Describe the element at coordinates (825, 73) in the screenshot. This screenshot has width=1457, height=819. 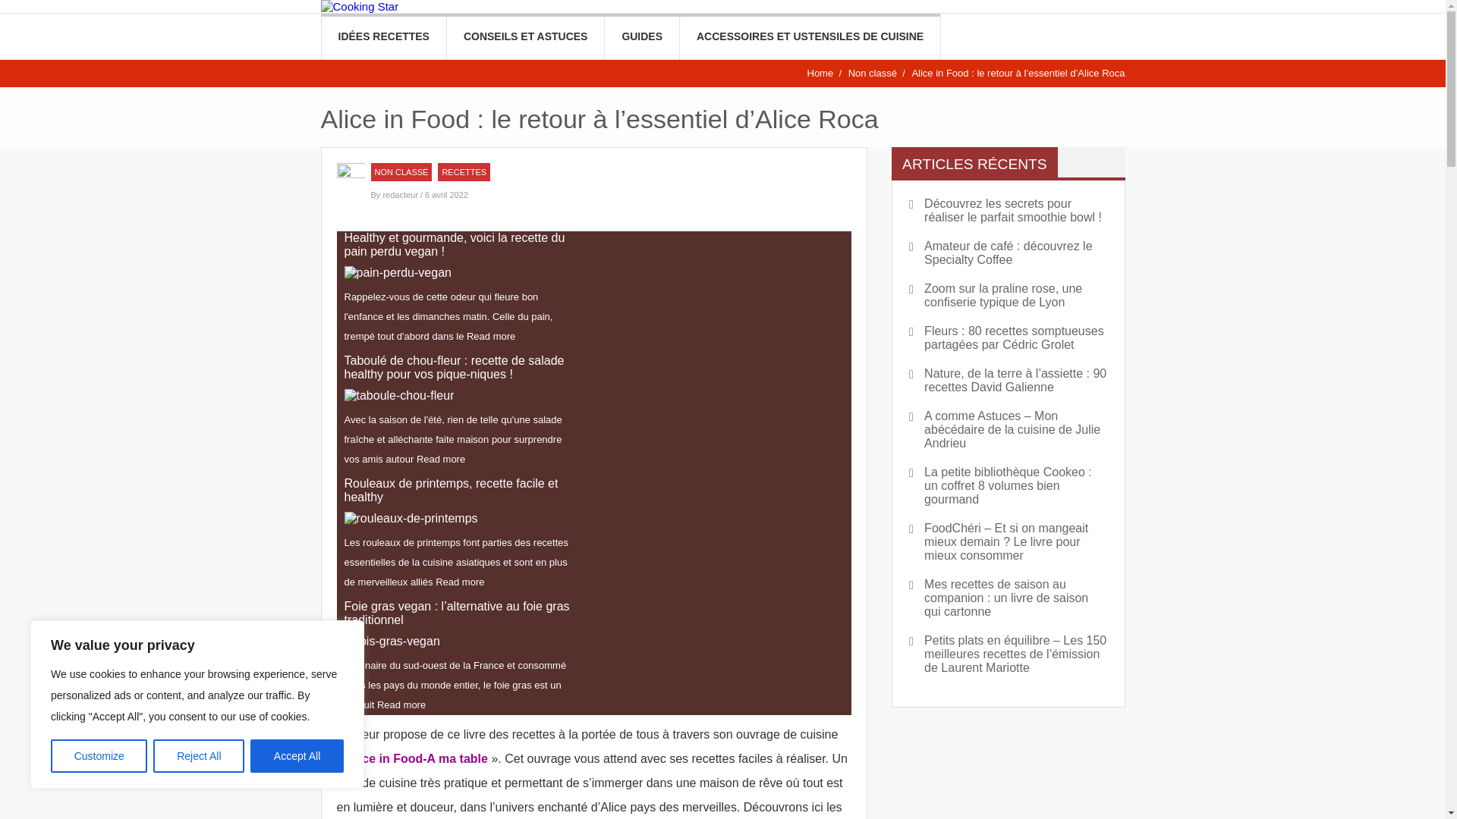
I see `'Home  / '` at that location.